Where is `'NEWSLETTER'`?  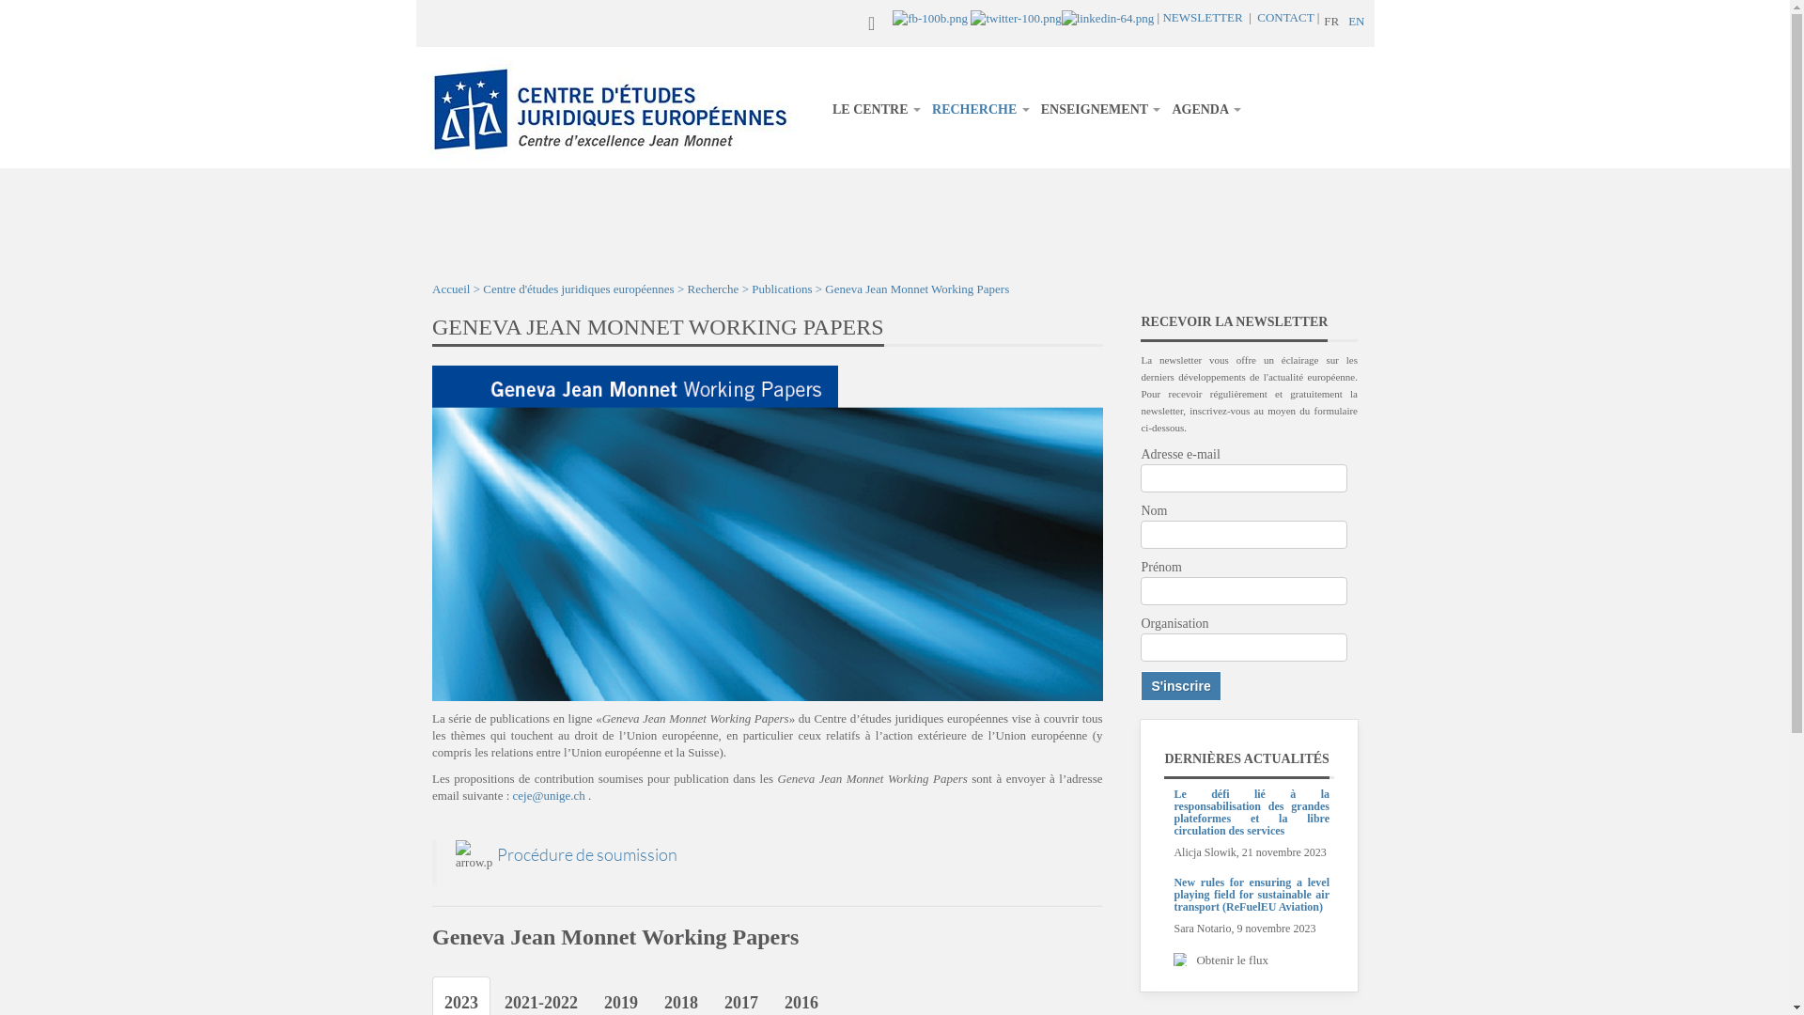 'NEWSLETTER' is located at coordinates (1201, 17).